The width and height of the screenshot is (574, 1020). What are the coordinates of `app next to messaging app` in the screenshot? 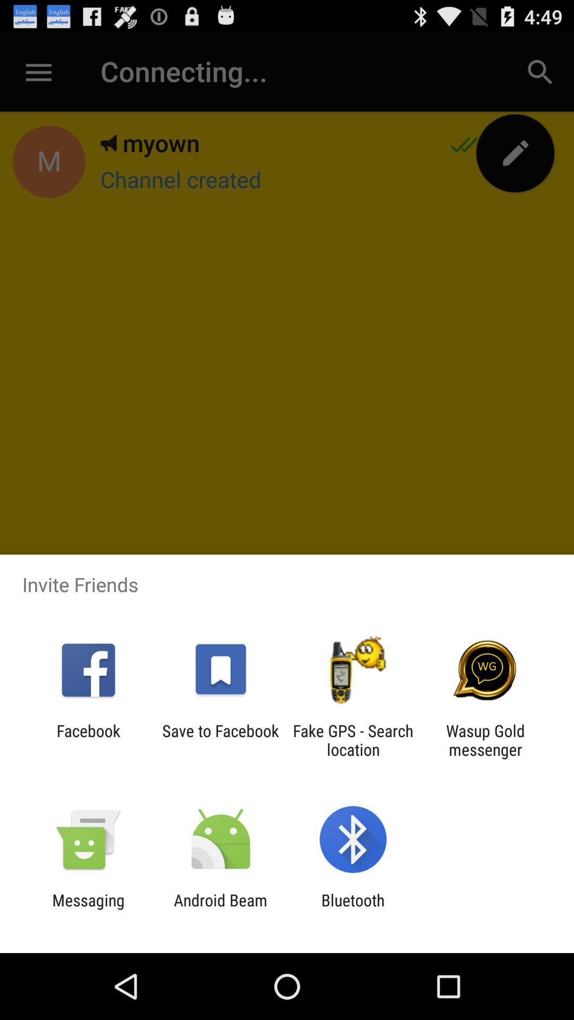 It's located at (220, 909).